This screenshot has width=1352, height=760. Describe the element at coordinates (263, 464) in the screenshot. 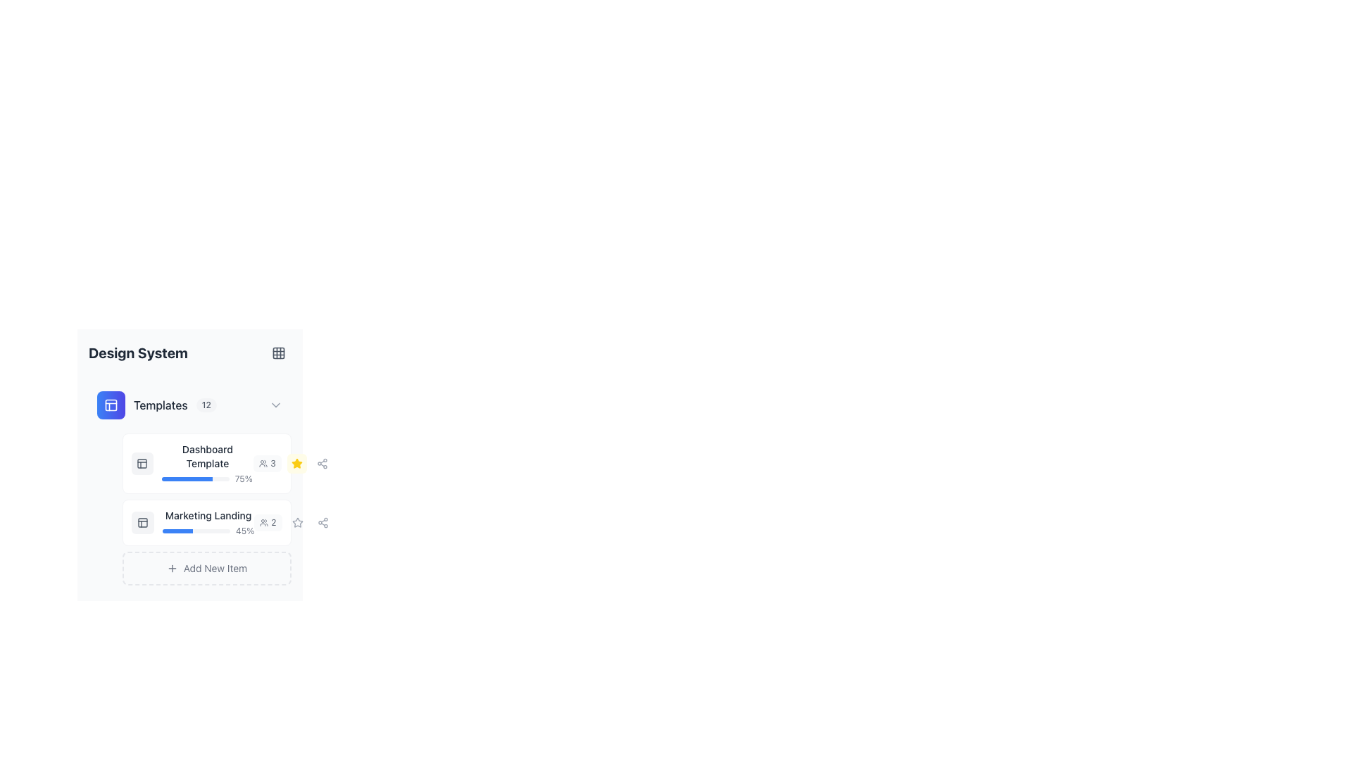

I see `the icon styled with a circular outline and filled with gray color, located within a button-like element next to the text '3'` at that location.